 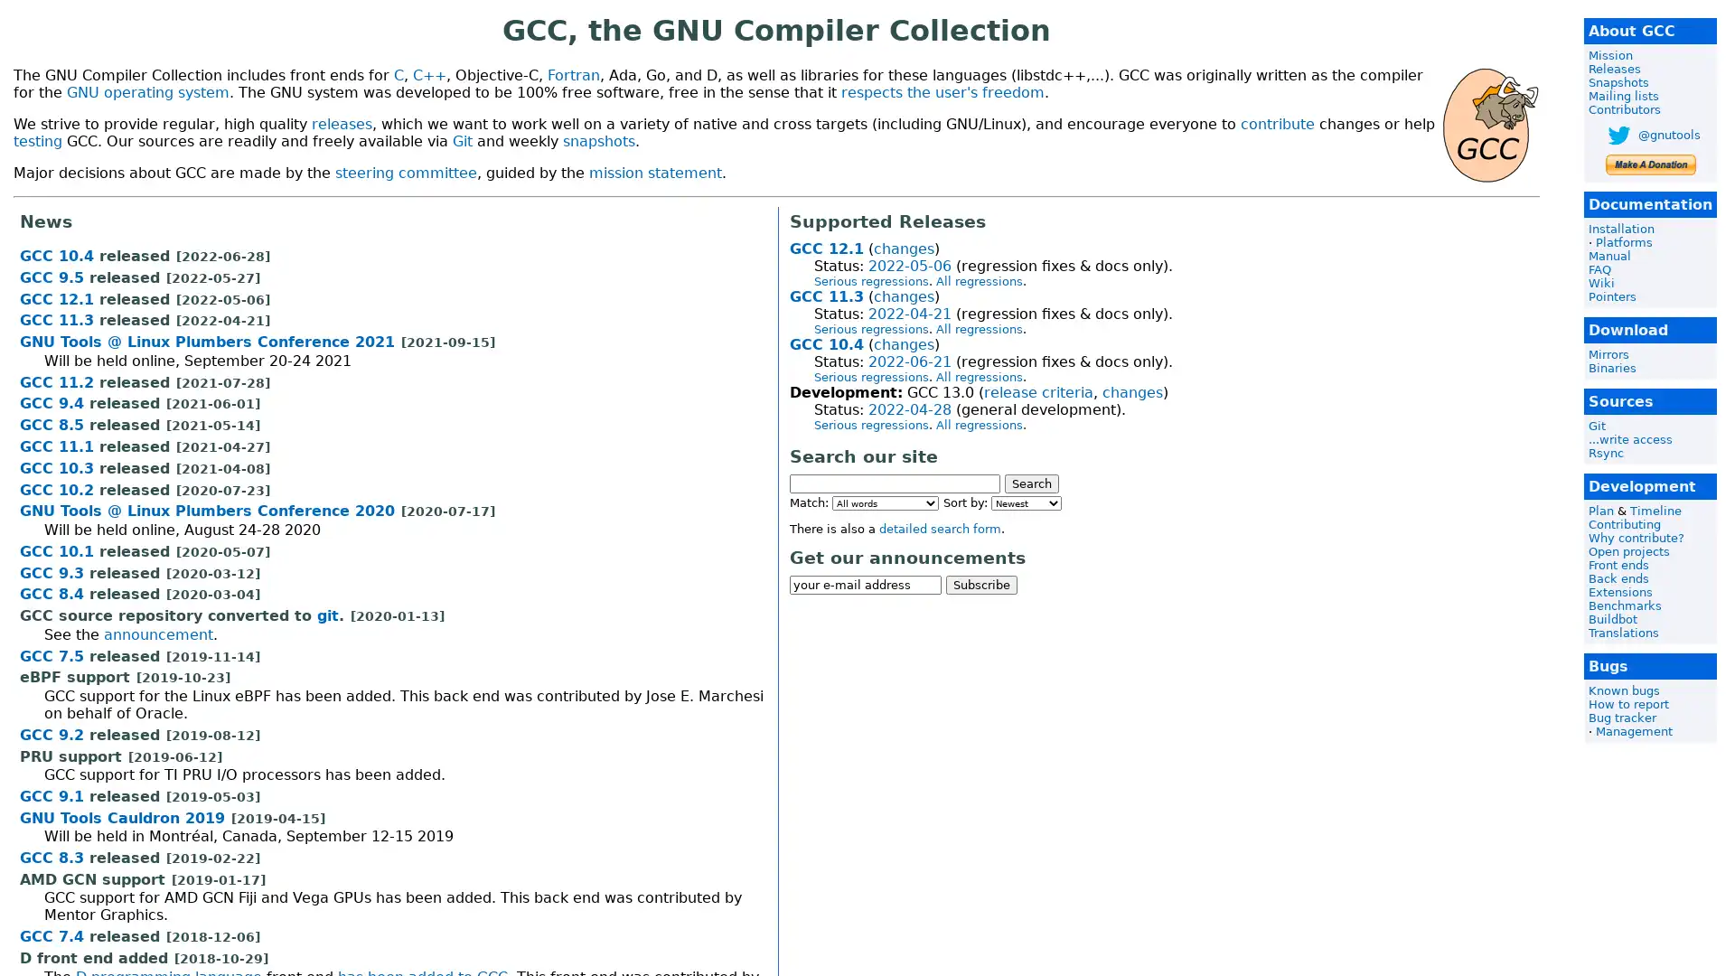 What do you see at coordinates (1031, 482) in the screenshot?
I see `Search` at bounding box center [1031, 482].